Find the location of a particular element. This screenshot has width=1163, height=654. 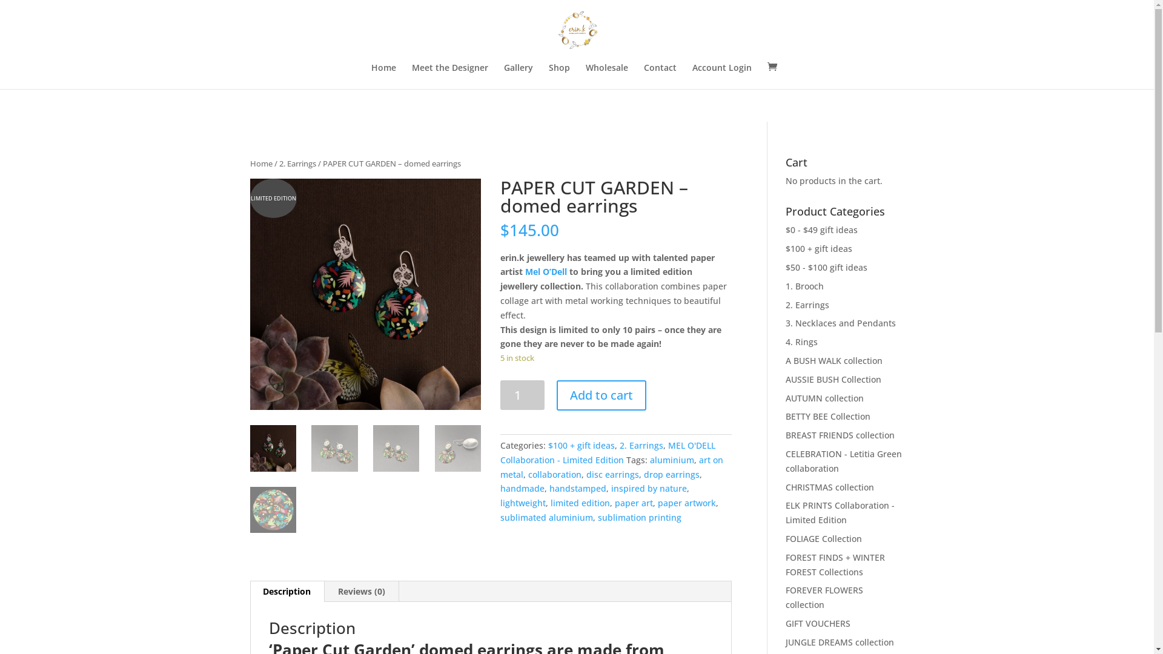

'JUNGLE DREAMS collection' is located at coordinates (839, 641).